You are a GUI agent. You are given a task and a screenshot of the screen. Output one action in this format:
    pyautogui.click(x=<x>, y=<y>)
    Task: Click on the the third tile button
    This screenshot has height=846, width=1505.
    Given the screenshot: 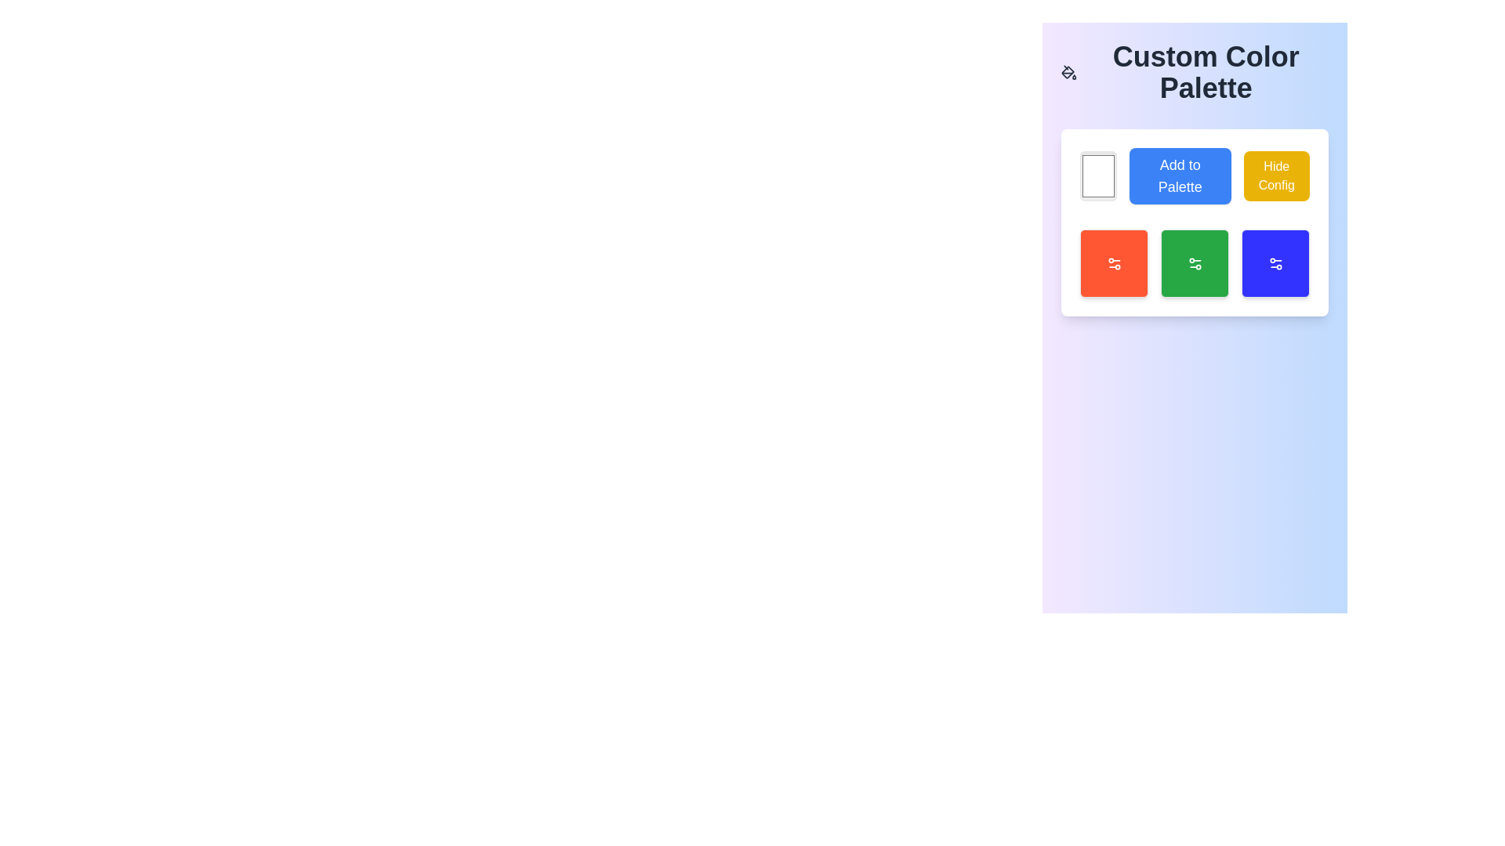 What is the action you would take?
    pyautogui.click(x=1275, y=262)
    